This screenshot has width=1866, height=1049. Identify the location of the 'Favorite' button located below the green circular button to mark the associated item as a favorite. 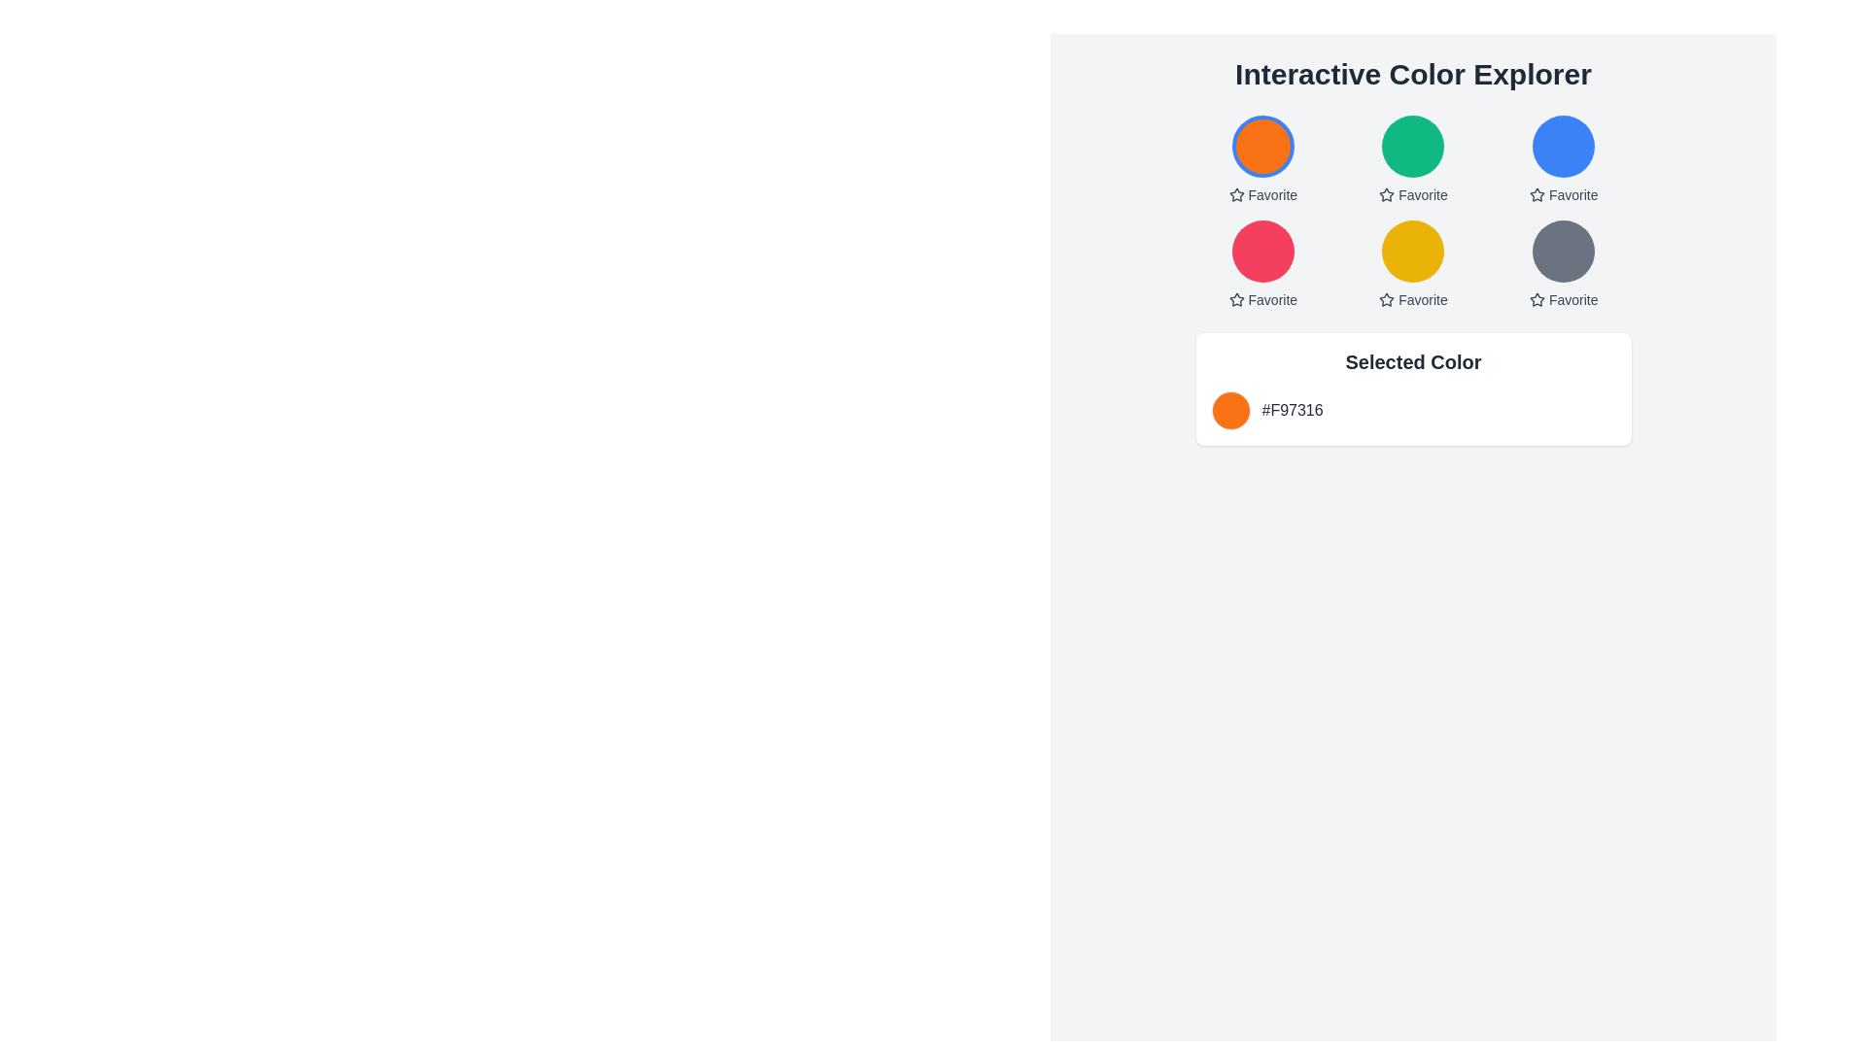
(1413, 194).